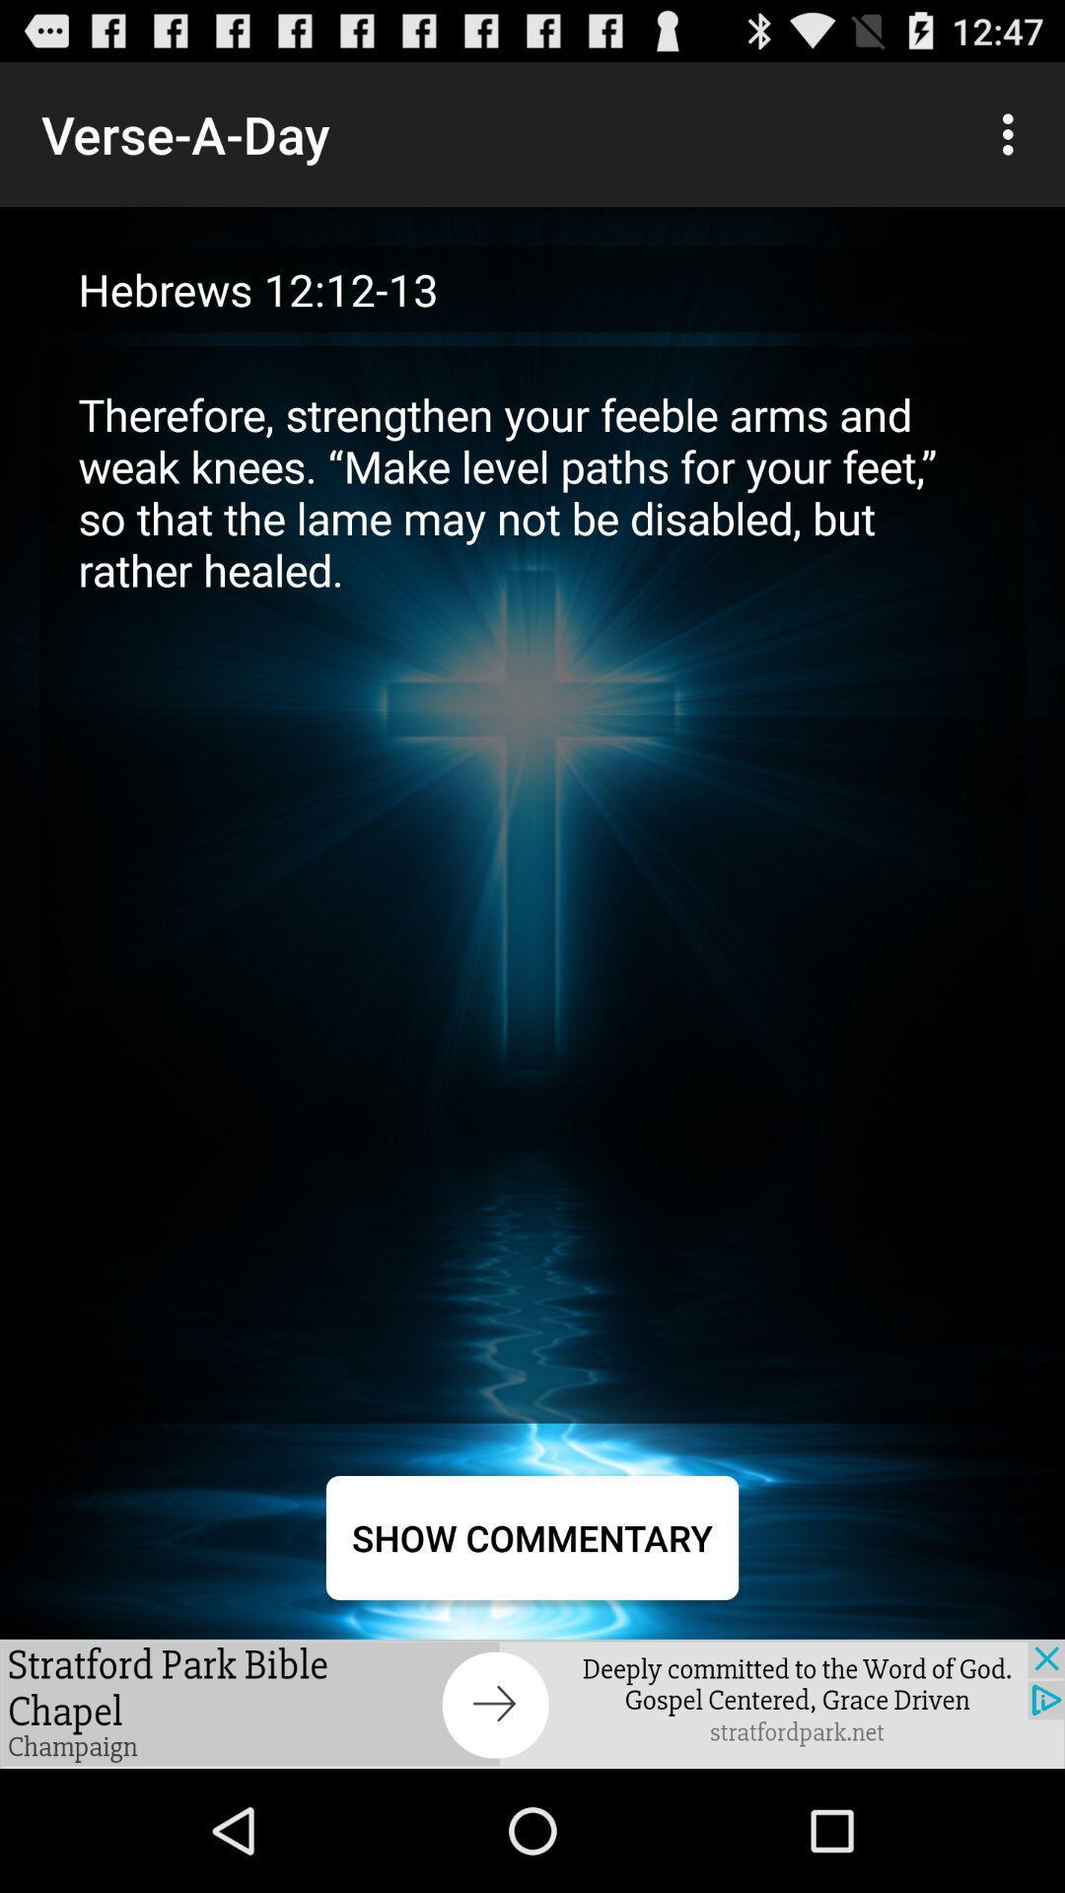 Image resolution: width=1065 pixels, height=1893 pixels. Describe the element at coordinates (532, 883) in the screenshot. I see `icon below the hebrews 12 12` at that location.